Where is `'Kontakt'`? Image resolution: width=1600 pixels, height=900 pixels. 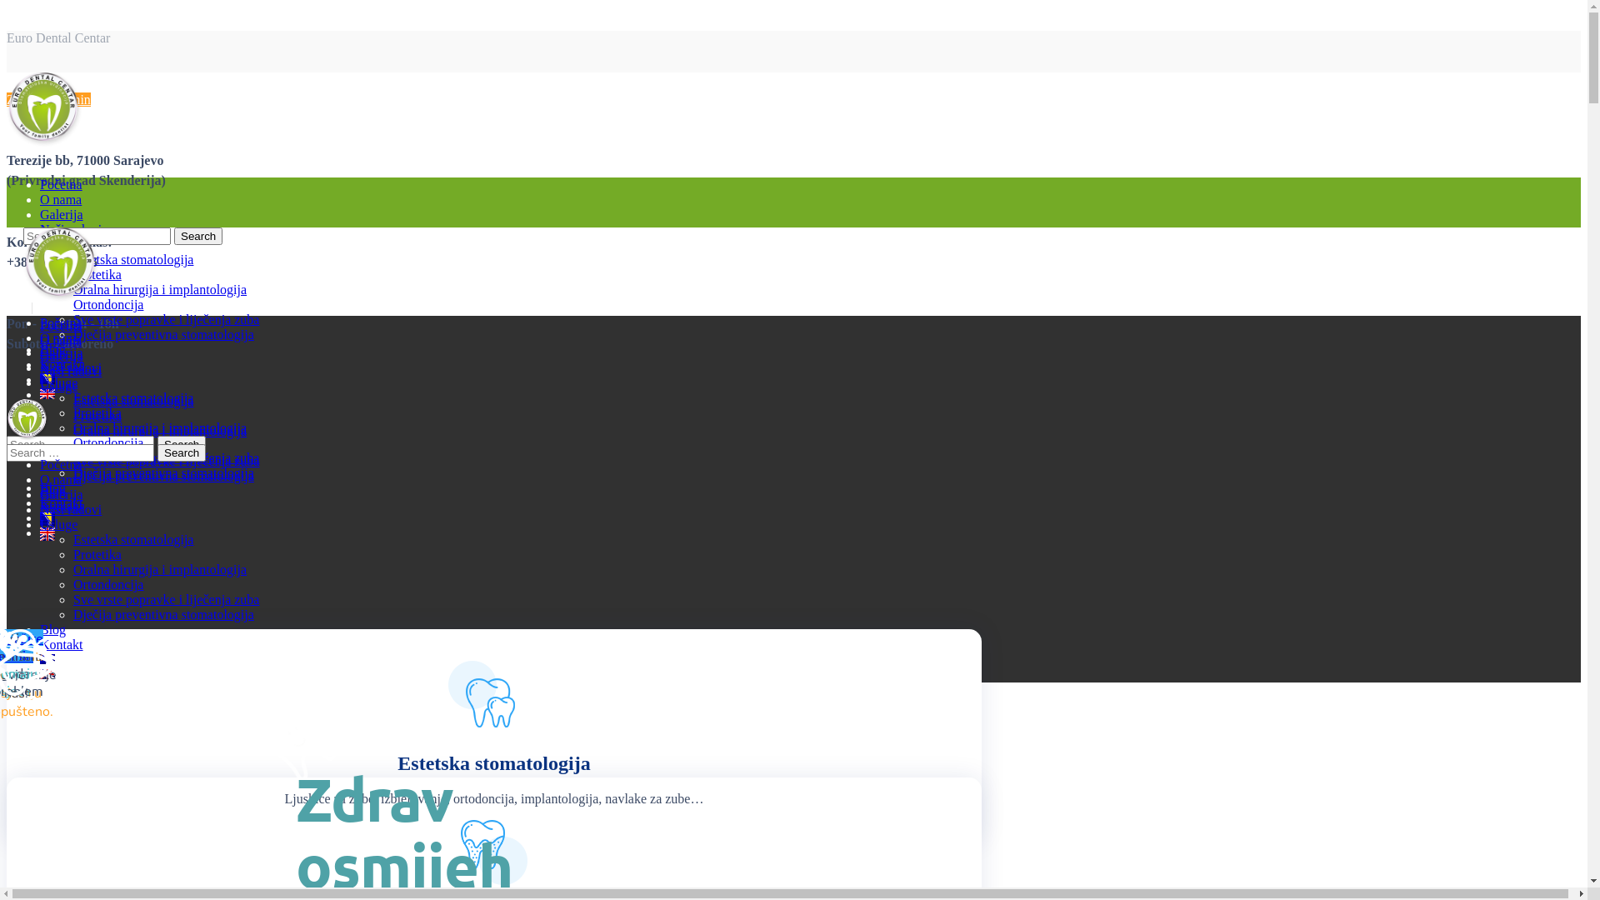 'Kontakt' is located at coordinates (40, 502).